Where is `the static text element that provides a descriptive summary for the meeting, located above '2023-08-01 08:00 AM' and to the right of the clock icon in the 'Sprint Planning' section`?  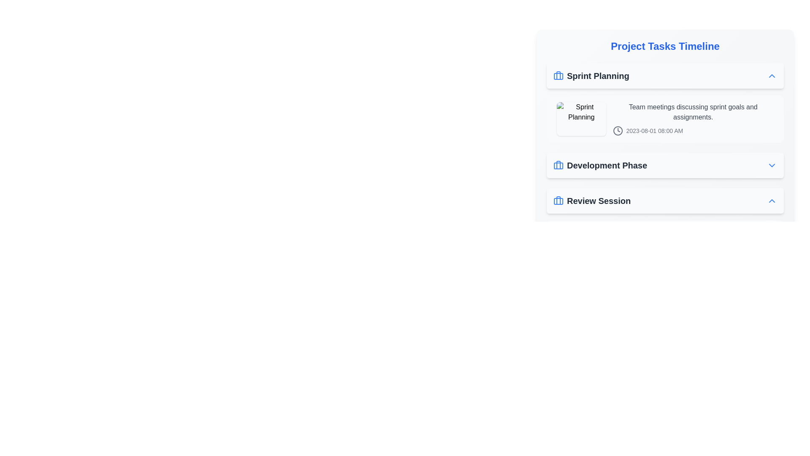
the static text element that provides a descriptive summary for the meeting, located above '2023-08-01 08:00 AM' and to the right of the clock icon in the 'Sprint Planning' section is located at coordinates (693, 112).